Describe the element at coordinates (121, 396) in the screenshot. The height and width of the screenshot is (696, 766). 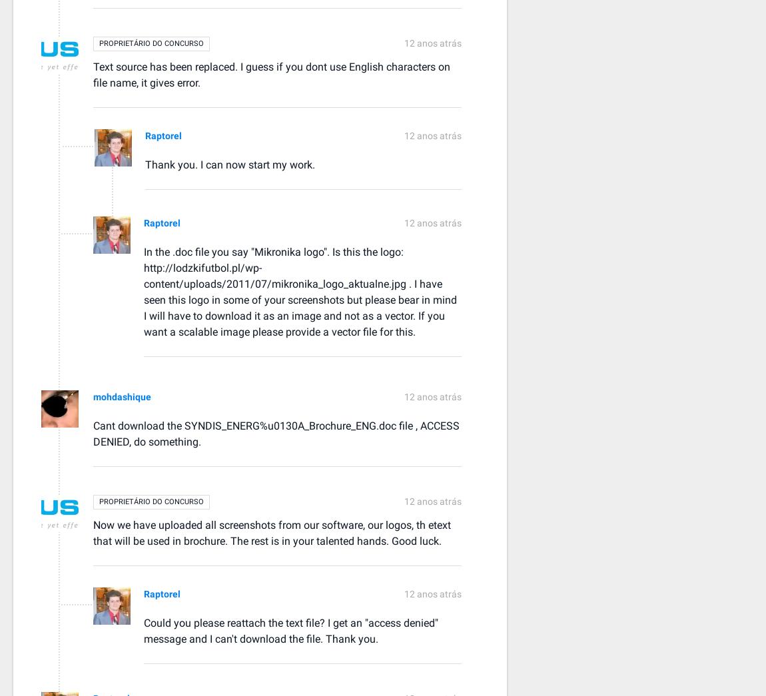
I see `'mohdashique'` at that location.